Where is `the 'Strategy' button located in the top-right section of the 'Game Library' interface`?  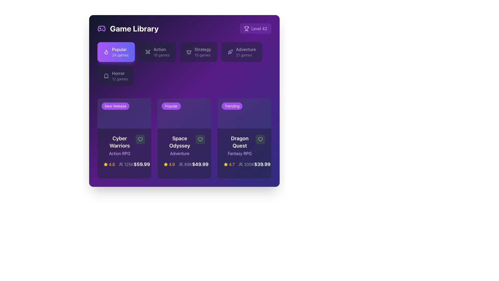
the 'Strategy' button located in the top-right section of the 'Game Library' interface is located at coordinates (198, 52).